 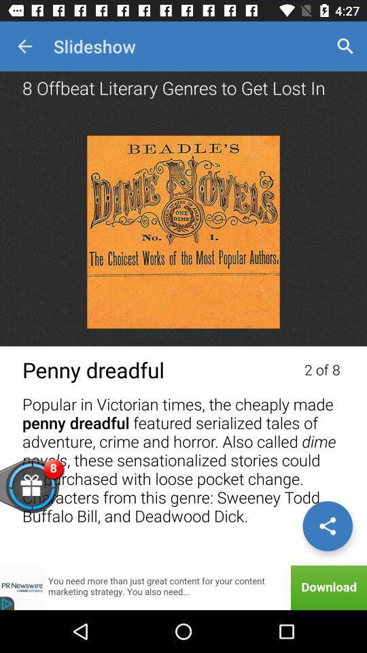 What do you see at coordinates (327, 525) in the screenshot?
I see `share the article` at bounding box center [327, 525].